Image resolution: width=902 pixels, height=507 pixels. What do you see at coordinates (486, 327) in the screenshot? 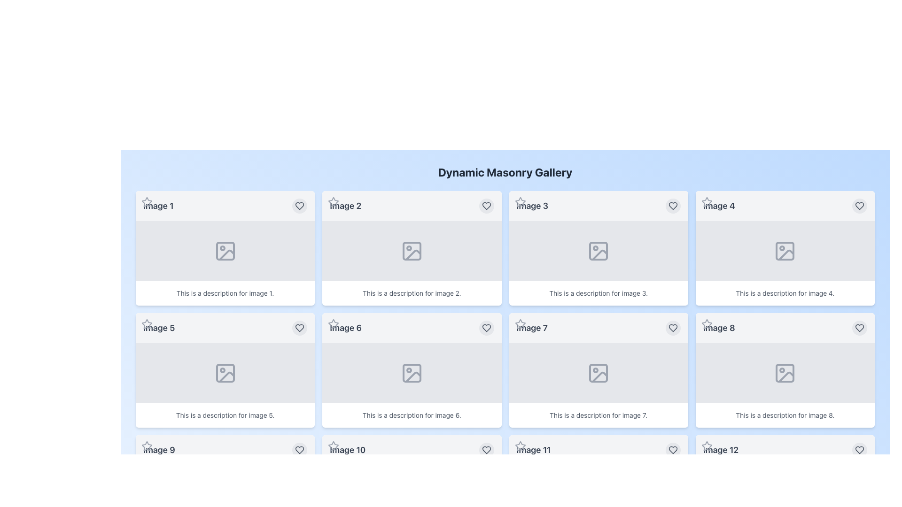
I see `the button in the top-right corner of the sixth card in the Dynamic Masonry Gallery to mark 'Image 6' as a favorite` at bounding box center [486, 327].